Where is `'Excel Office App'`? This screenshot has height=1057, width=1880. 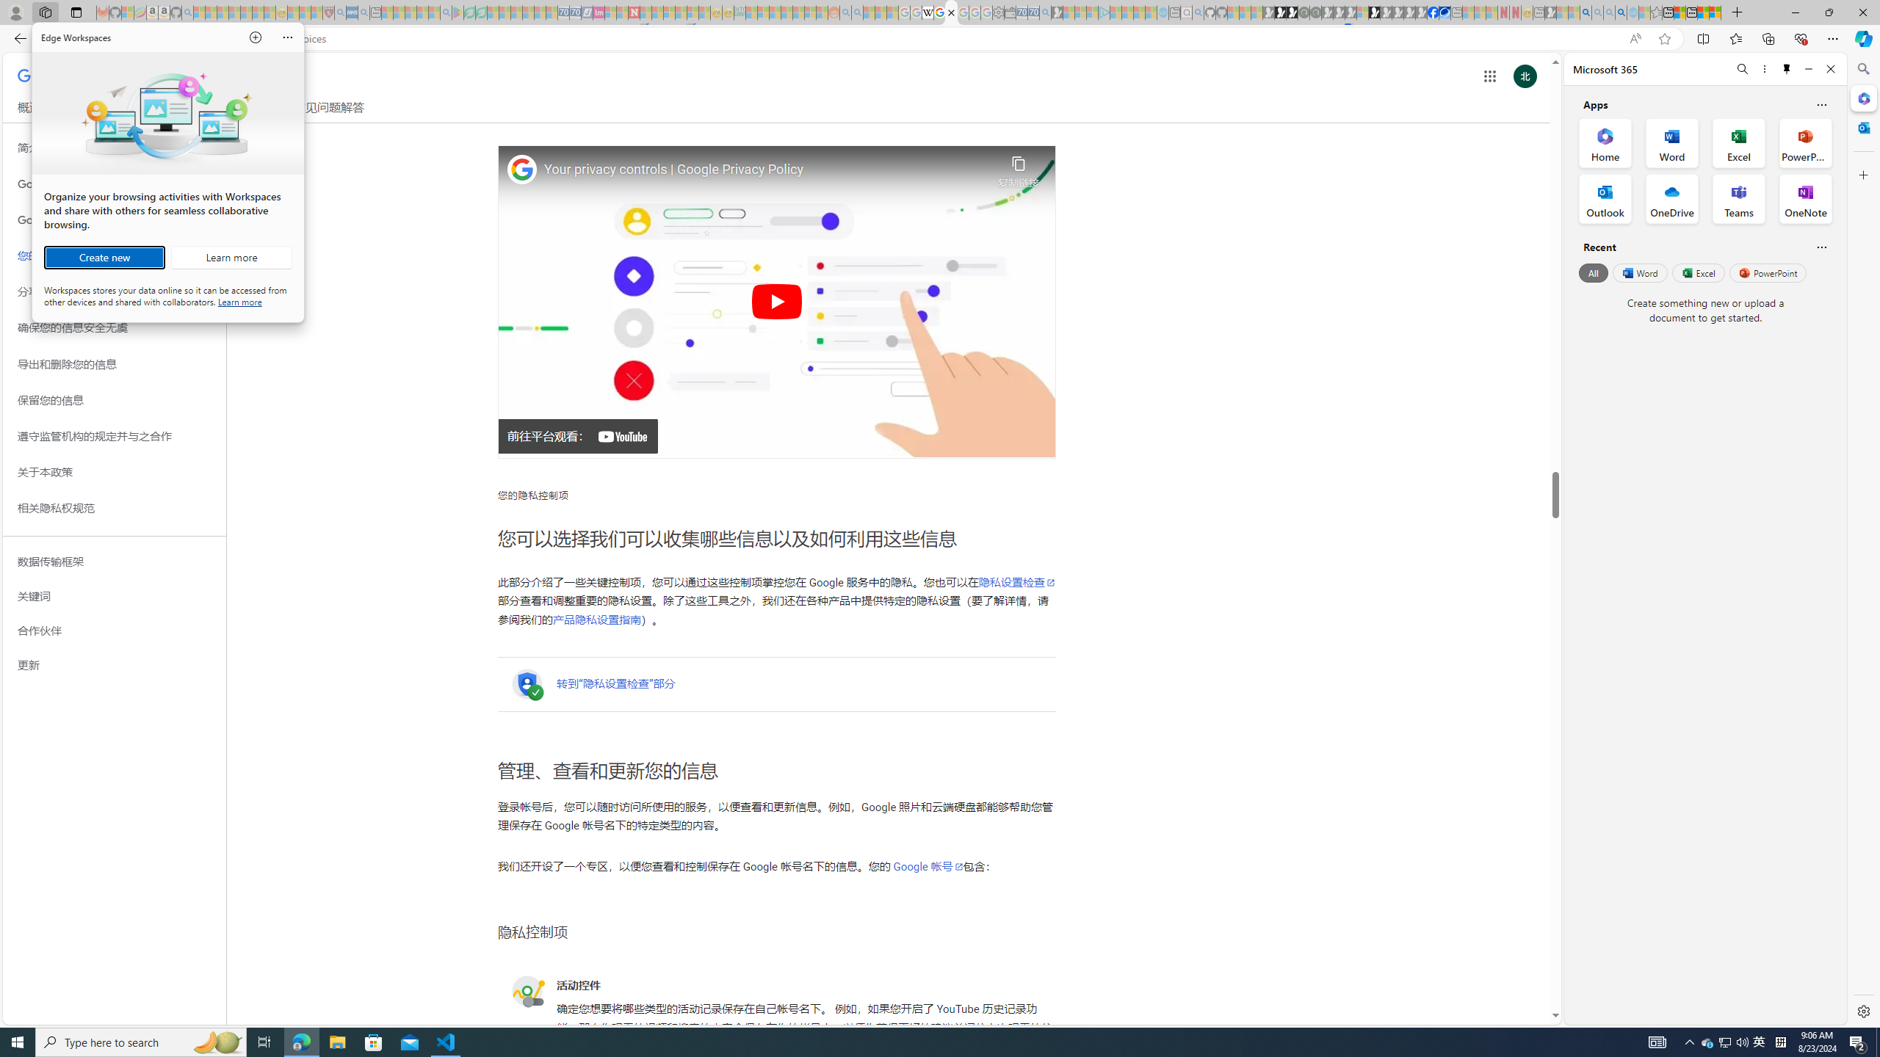 'Excel Office App' is located at coordinates (1739, 143).